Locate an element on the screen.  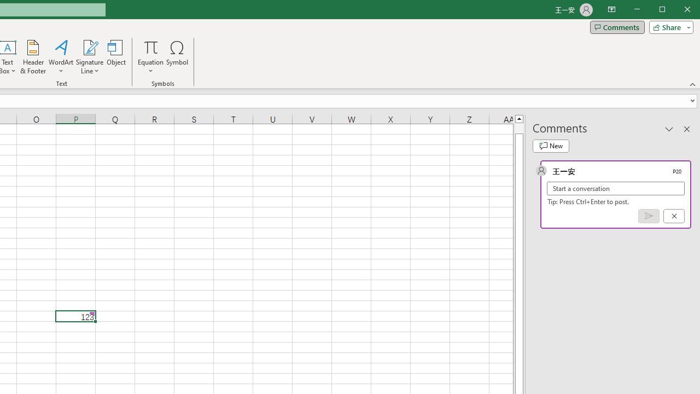
'Equation' is located at coordinates (150, 57).